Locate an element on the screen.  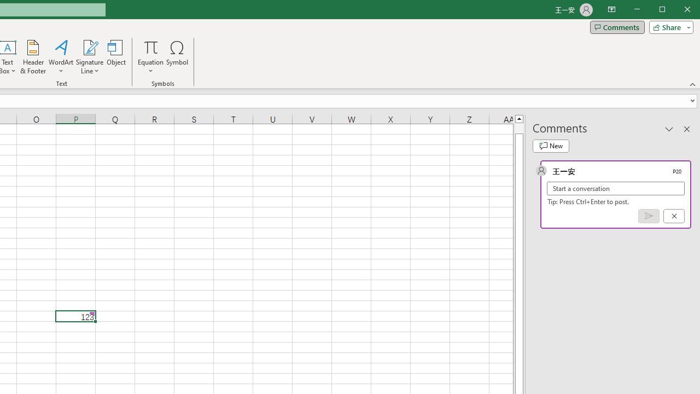
'Equation' is located at coordinates (150, 57).